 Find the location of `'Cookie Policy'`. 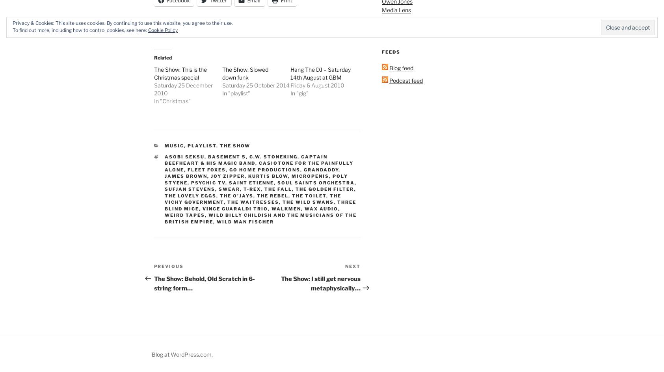

'Cookie Policy' is located at coordinates (162, 30).